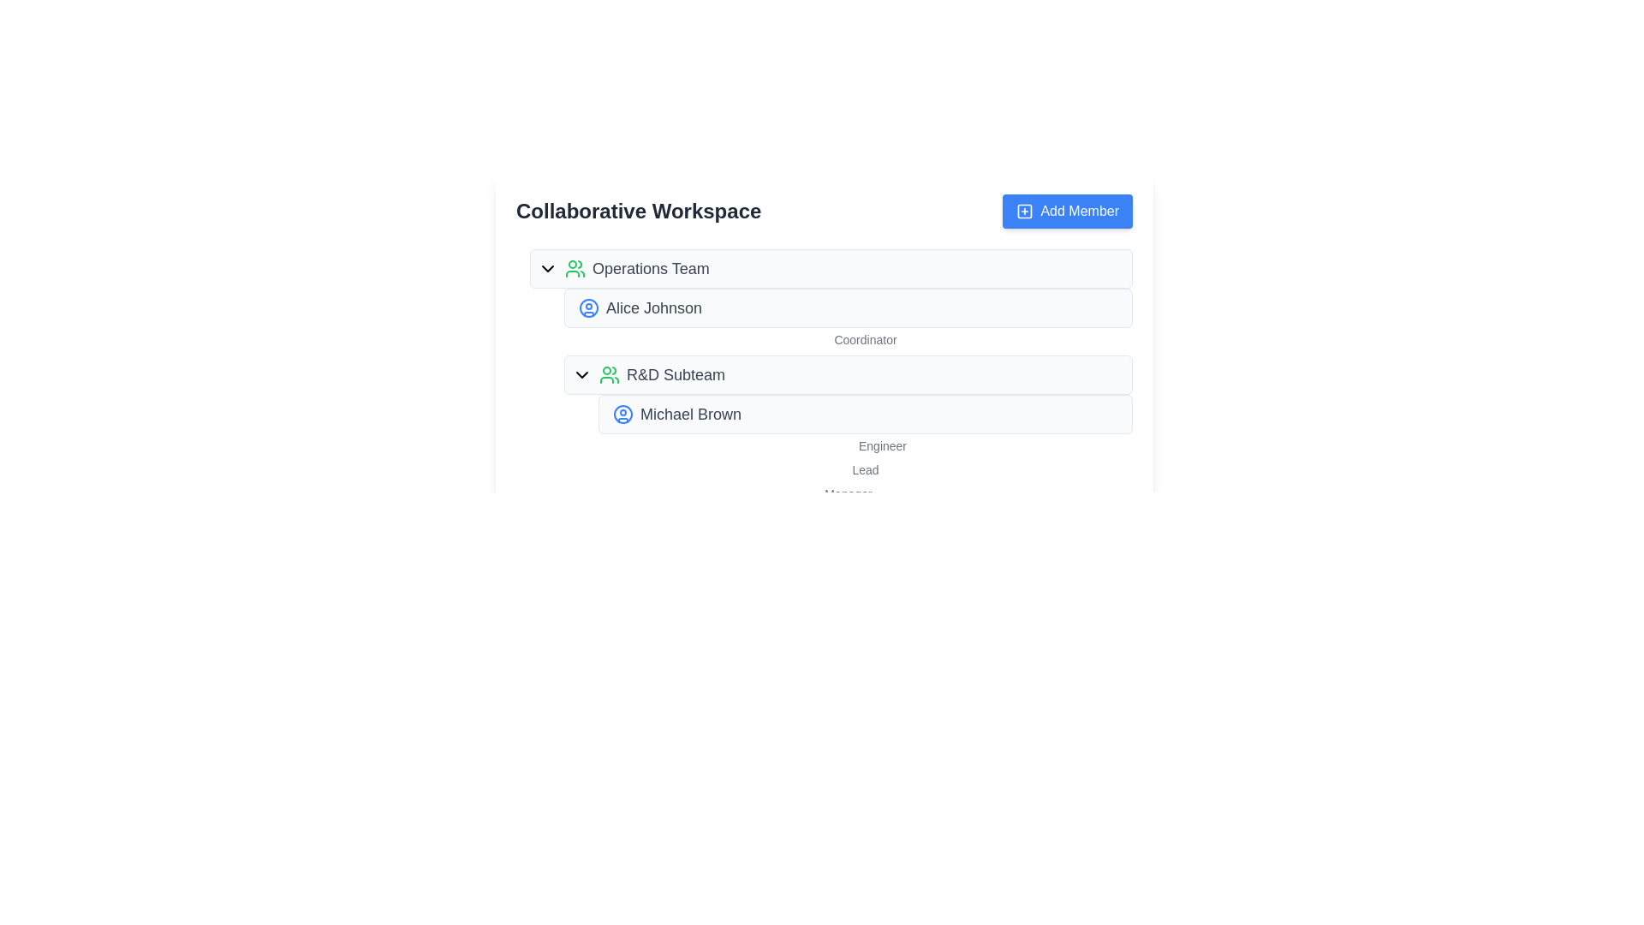  What do you see at coordinates (1067, 210) in the screenshot?
I see `the 'Add Member' button located in the top-right corner of the 'Collaborative Workspace' section` at bounding box center [1067, 210].